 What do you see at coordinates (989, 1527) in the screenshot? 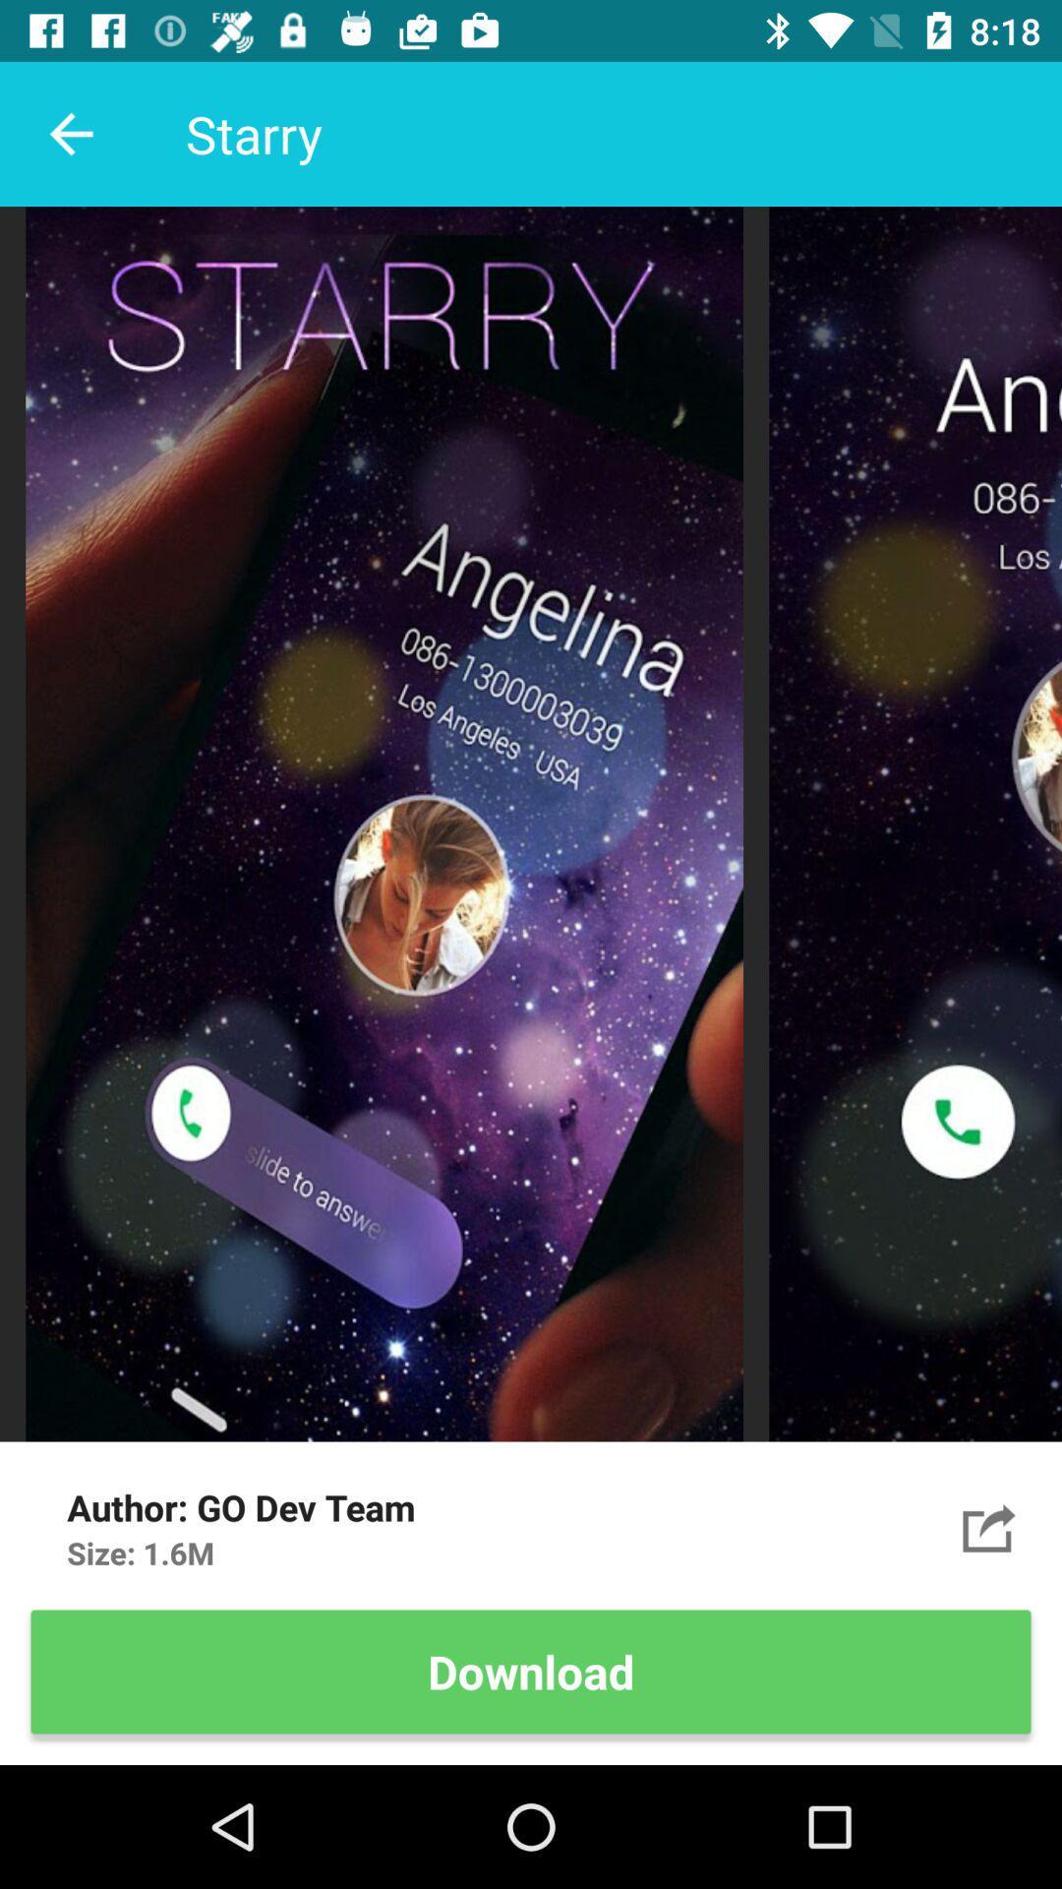
I see `the item above download` at bounding box center [989, 1527].